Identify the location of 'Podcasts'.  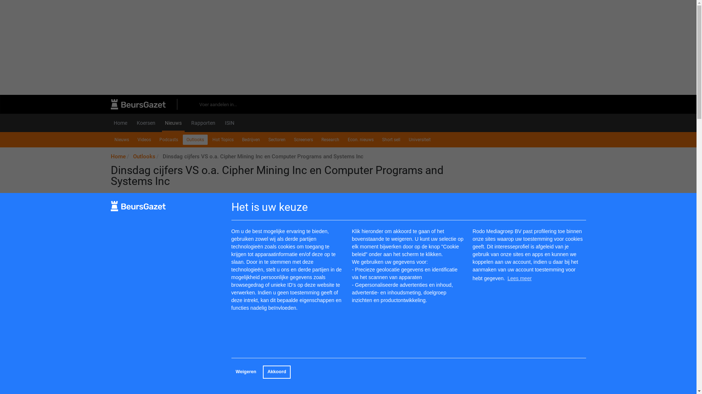
(168, 139).